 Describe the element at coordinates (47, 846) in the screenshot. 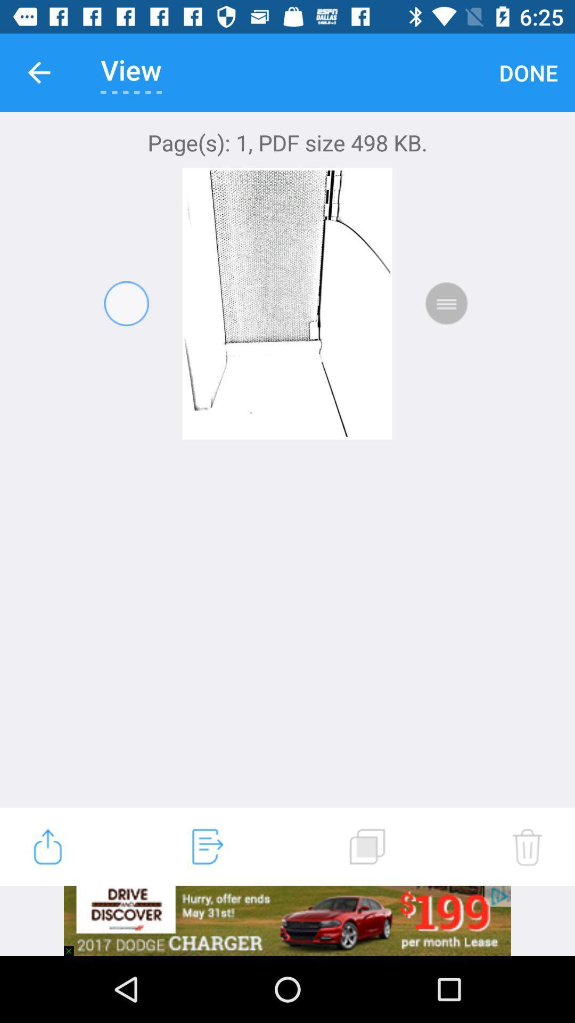

I see `the launch icon` at that location.